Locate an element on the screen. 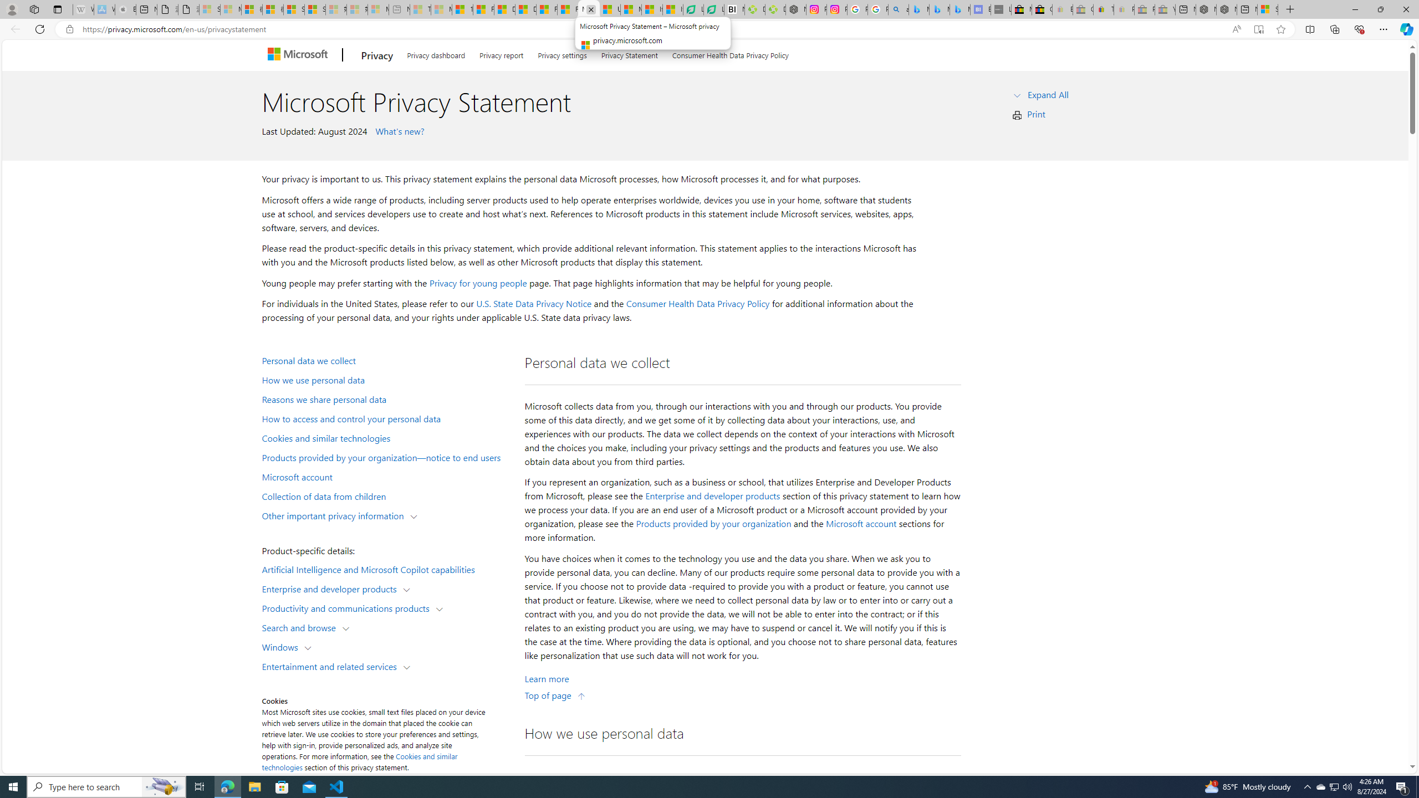 The height and width of the screenshot is (798, 1419). 'Personal data we collect' is located at coordinates (386, 359).